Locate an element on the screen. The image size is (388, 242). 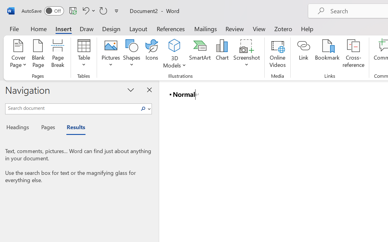
'3D Models' is located at coordinates (174, 46).